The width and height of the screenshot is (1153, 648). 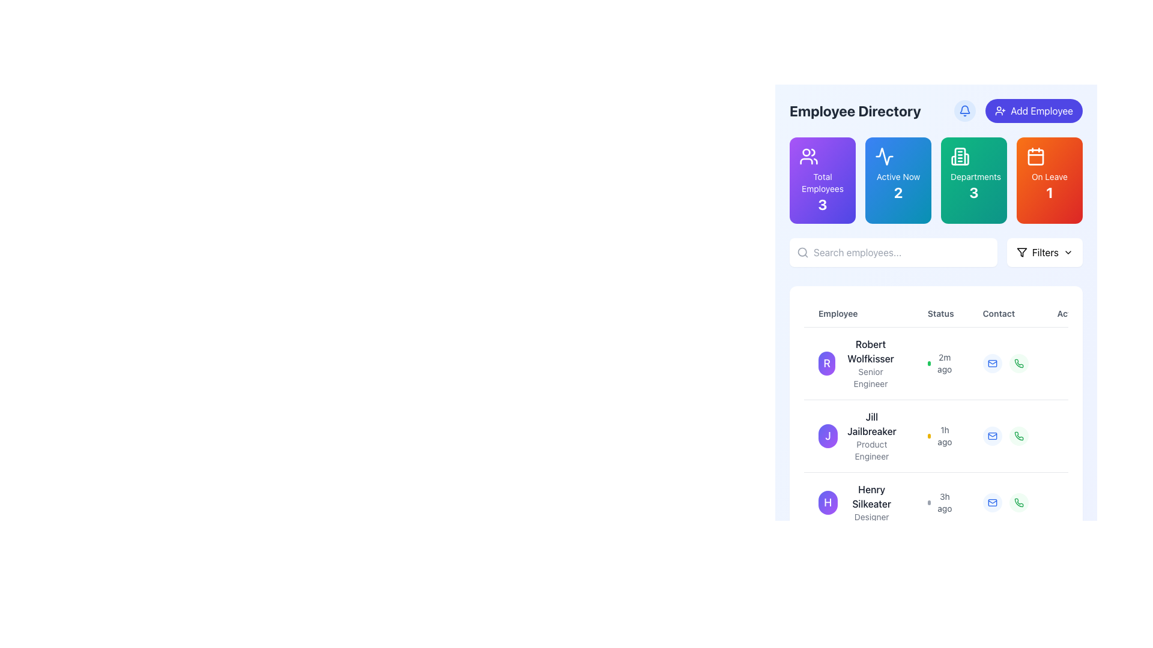 I want to click on the status update element displaying '2m ago' with a green circular icon, located in the 'Status' column of the employee table for Robert Wolfkisser, so click(x=940, y=362).